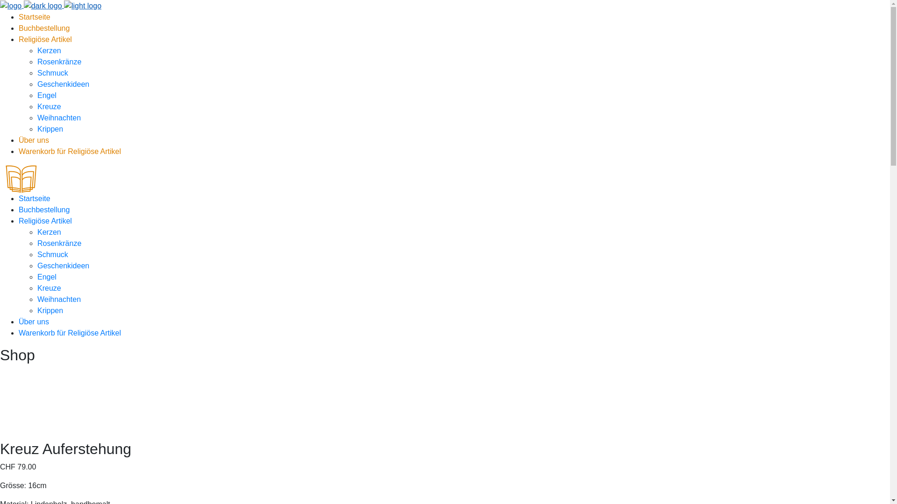  Describe the element at coordinates (50, 129) in the screenshot. I see `'Krippen'` at that location.